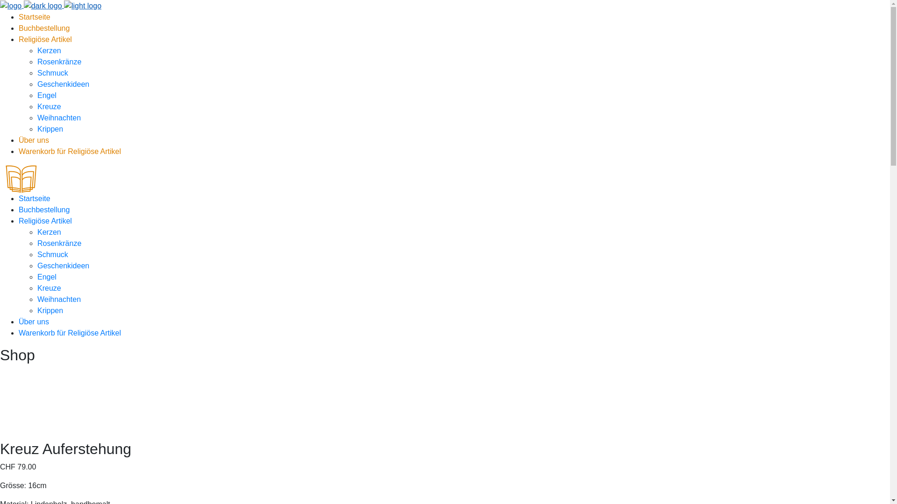  Describe the element at coordinates (50, 129) in the screenshot. I see `'Krippen'` at that location.